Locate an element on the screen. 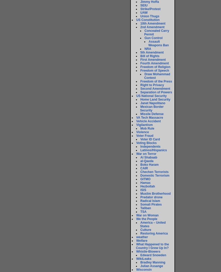 The width and height of the screenshot is (221, 272). 'Al Shabaab' is located at coordinates (148, 157).